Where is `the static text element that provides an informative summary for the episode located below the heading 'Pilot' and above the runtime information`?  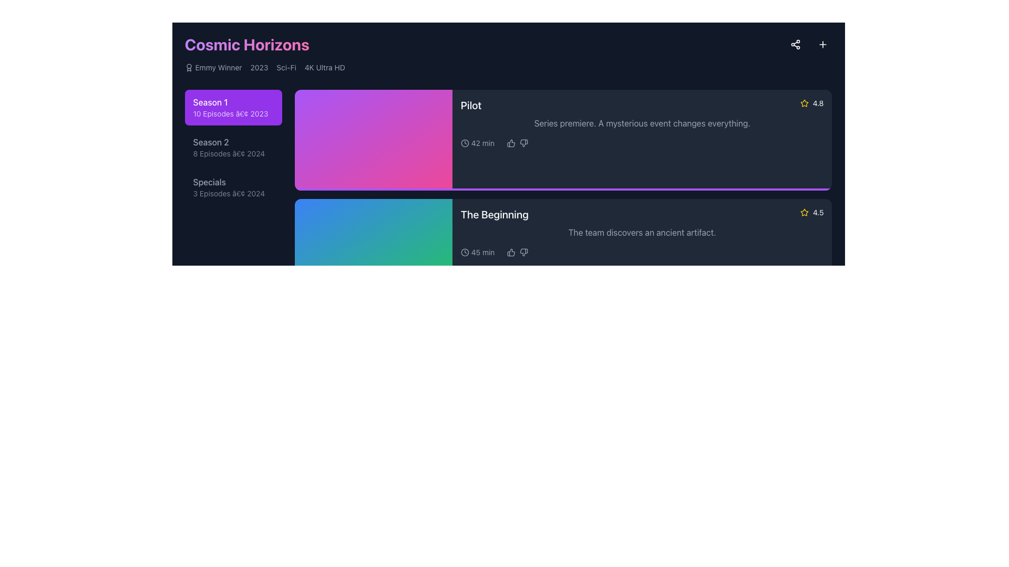
the static text element that provides an informative summary for the episode located below the heading 'Pilot' and above the runtime information is located at coordinates (642, 123).